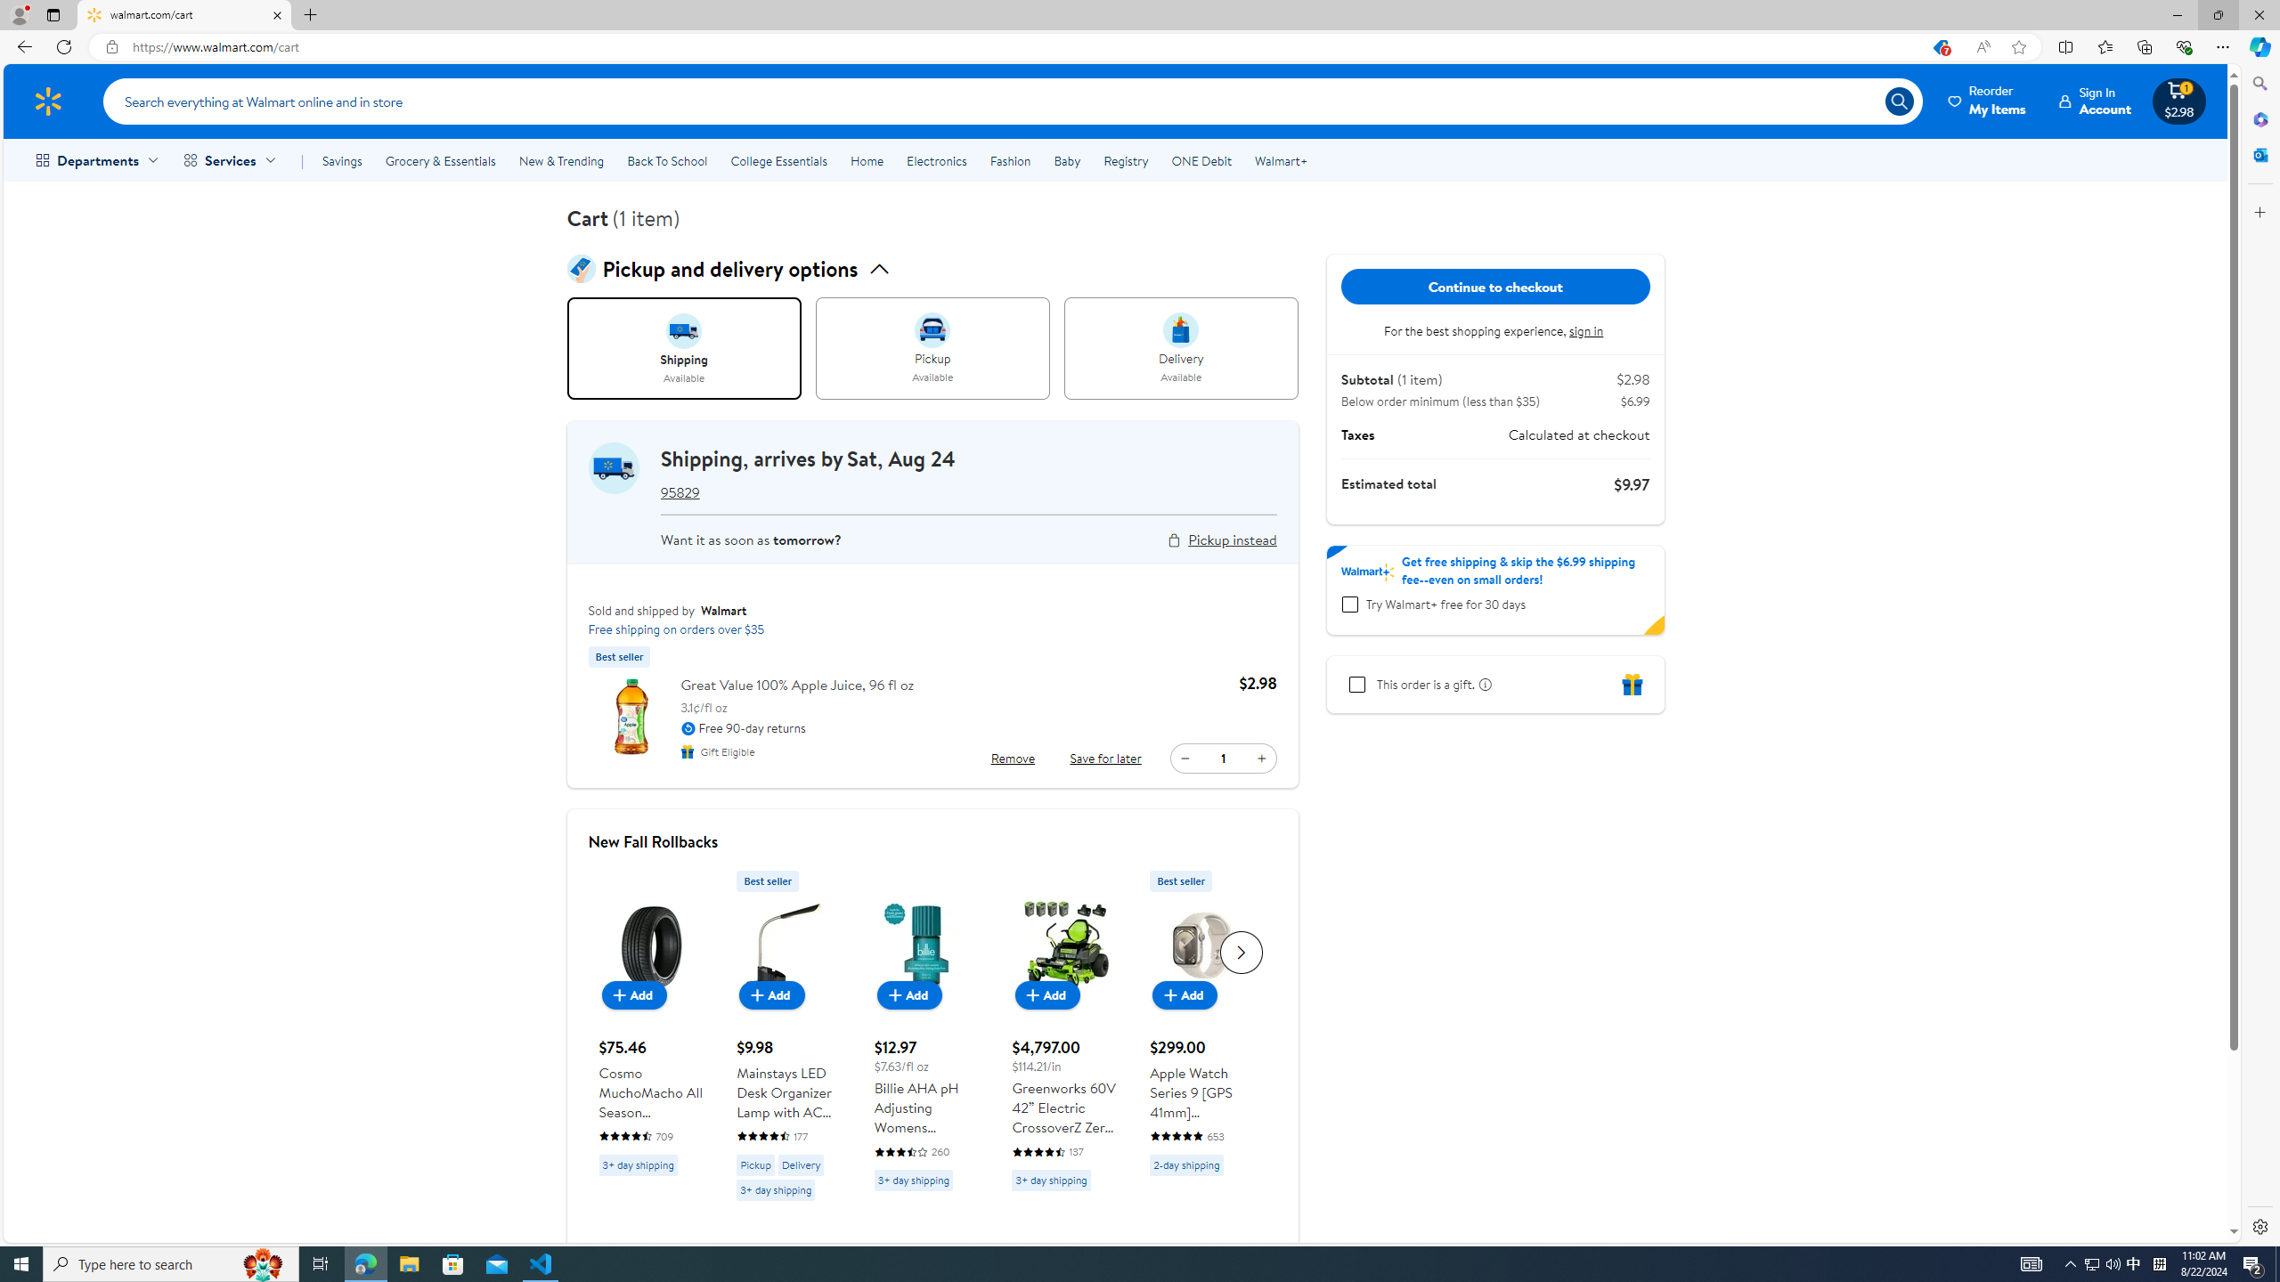 Image resolution: width=2280 pixels, height=1282 pixels. Describe the element at coordinates (1898, 100) in the screenshot. I see `'Search icon'` at that location.